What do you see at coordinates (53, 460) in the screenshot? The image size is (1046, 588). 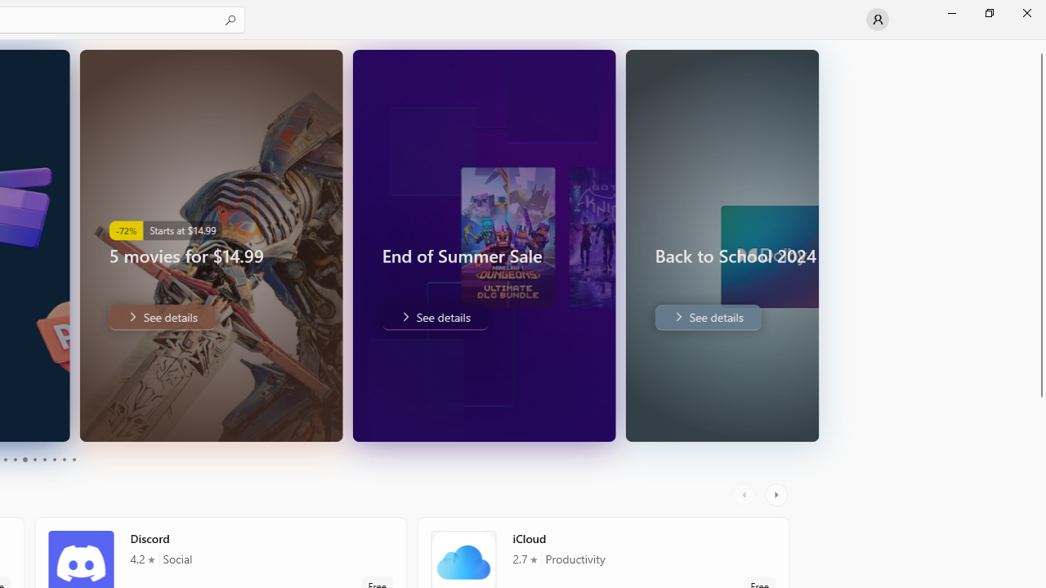 I see `'Page 8'` at bounding box center [53, 460].